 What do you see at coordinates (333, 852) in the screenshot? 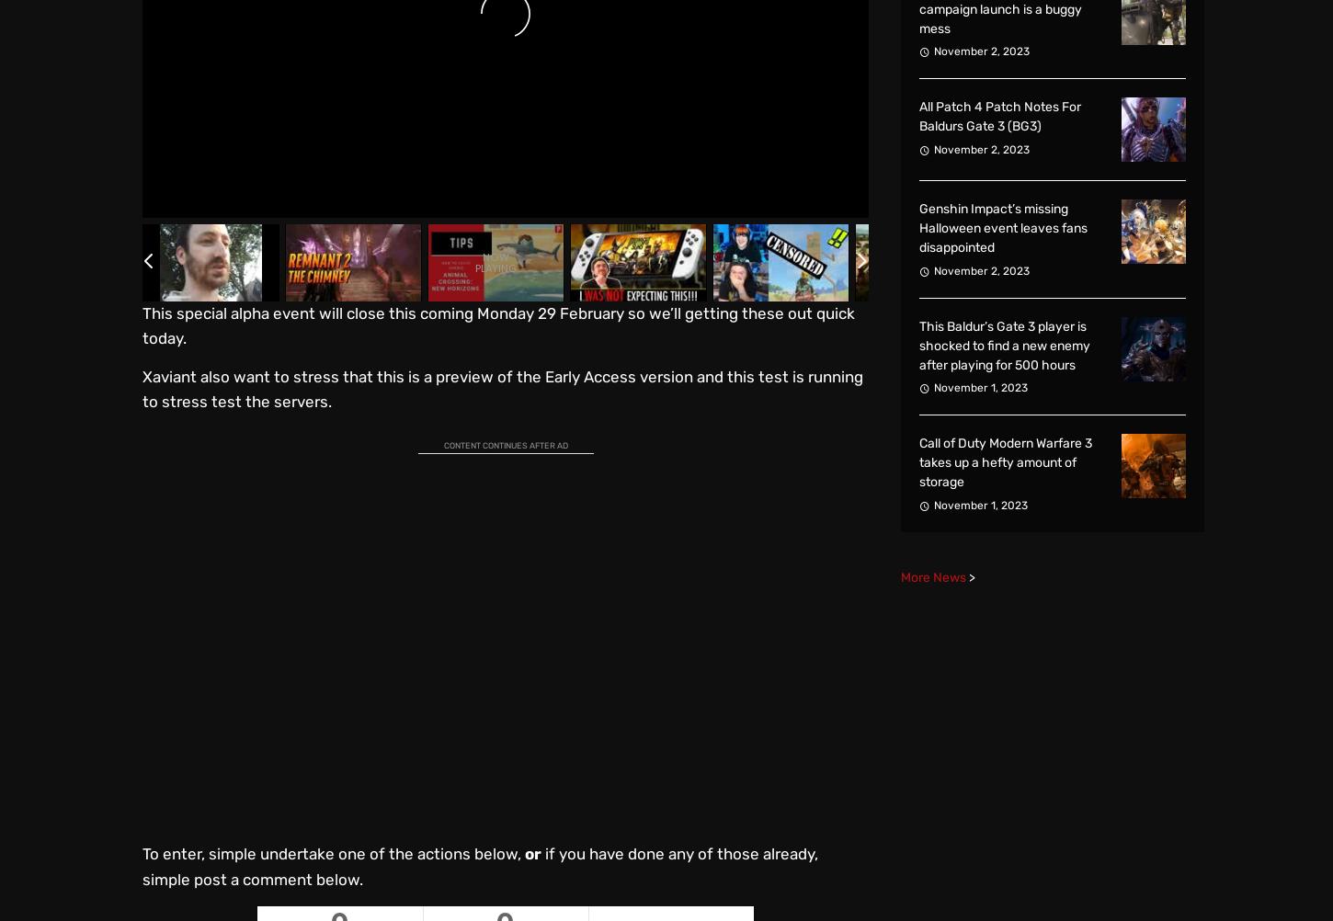
I see `'To enter, simple undertake one of the actions below,'` at bounding box center [333, 852].